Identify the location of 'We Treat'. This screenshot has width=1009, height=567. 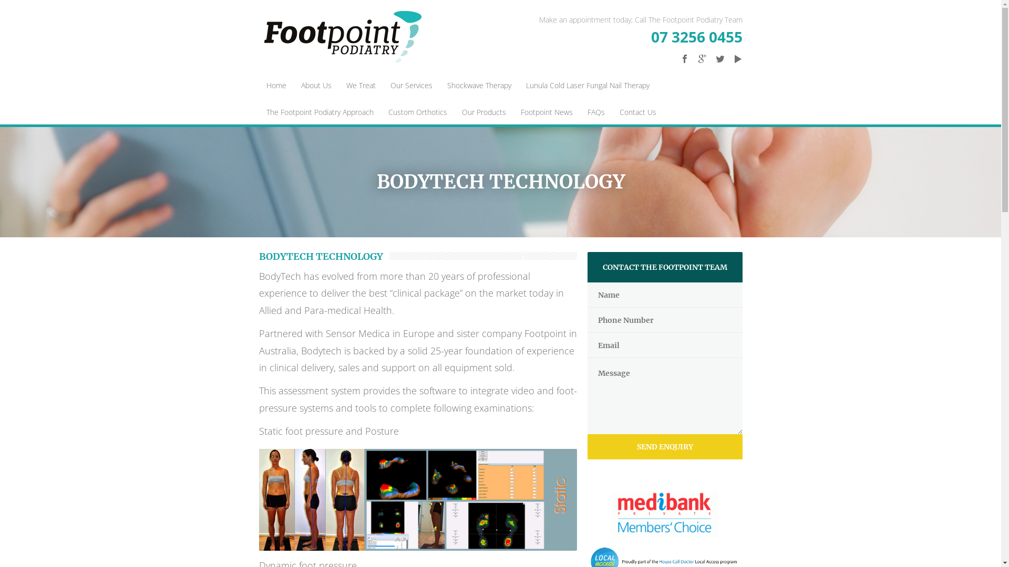
(361, 86).